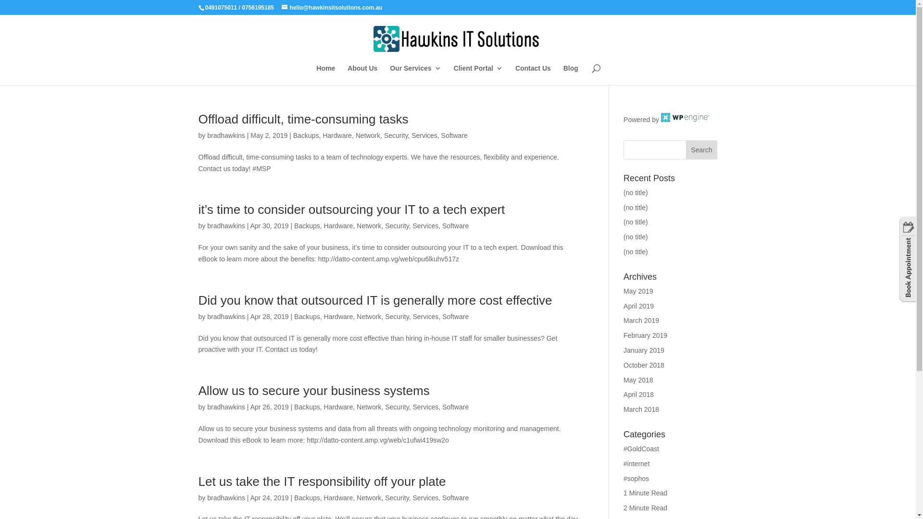 The height and width of the screenshot is (519, 923). Describe the element at coordinates (636, 207) in the screenshot. I see `'(no title)'` at that location.